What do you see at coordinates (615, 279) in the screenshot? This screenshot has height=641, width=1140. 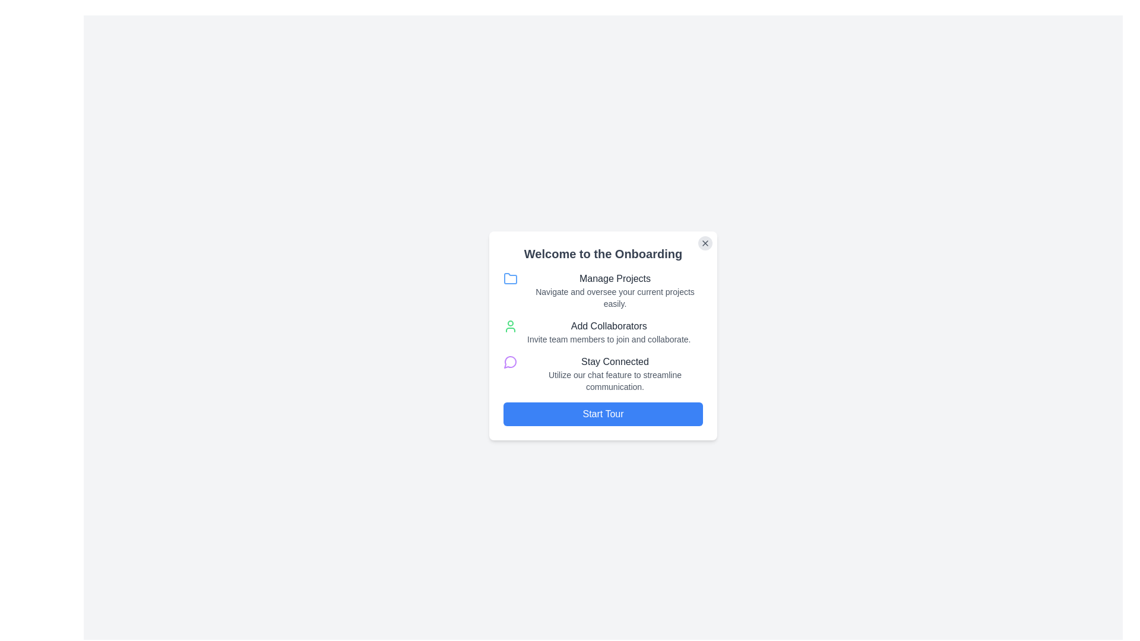 I see `the 'Manage Projects' text label, which is styled with a medium font weight and gray color, positioned below the heading 'Welcome to the Onboarding' in the onboarding dialog box` at bounding box center [615, 279].